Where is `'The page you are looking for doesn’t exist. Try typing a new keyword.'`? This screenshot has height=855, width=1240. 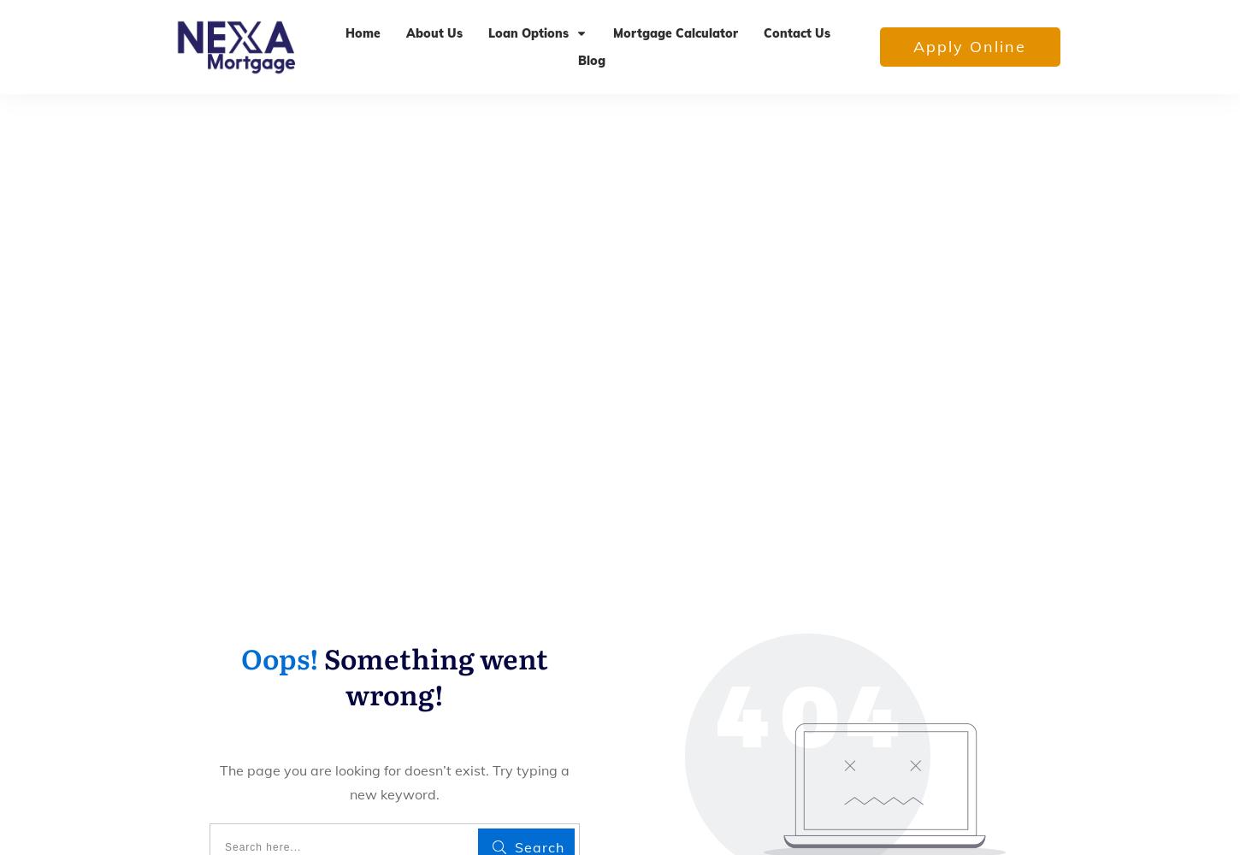 'The page you are looking for doesn’t exist. Try typing a new keyword.' is located at coordinates (393, 781).